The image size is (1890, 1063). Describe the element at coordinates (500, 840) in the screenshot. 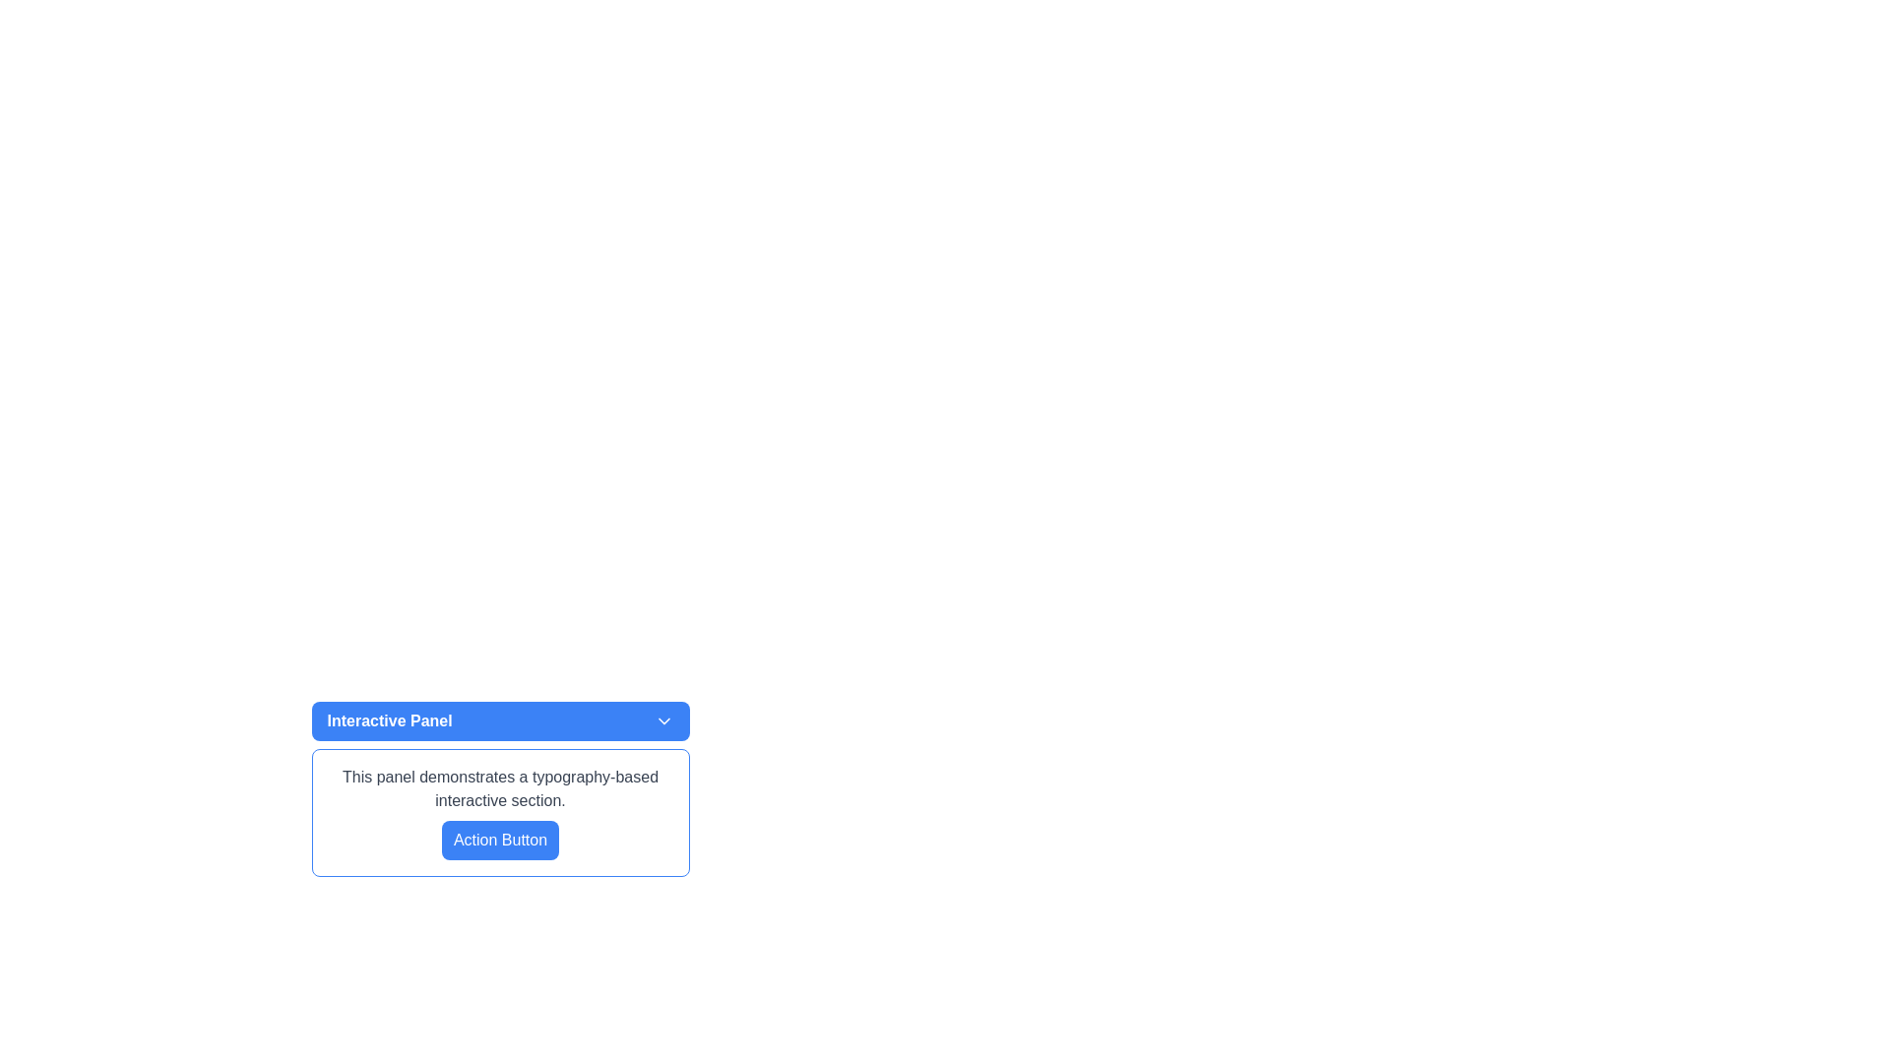

I see `the rectangular button with a blue background and white text that reads 'Action Button' to trigger the color change effect` at that location.